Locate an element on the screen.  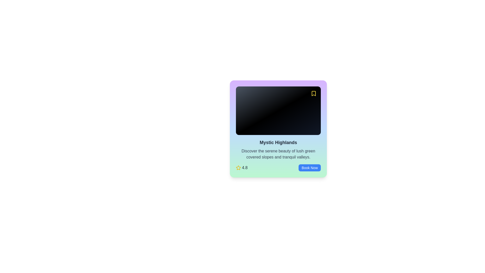
the star icon indicating a rating of 4.8, which is positioned to the left of the text label within the UI card is located at coordinates (238, 168).